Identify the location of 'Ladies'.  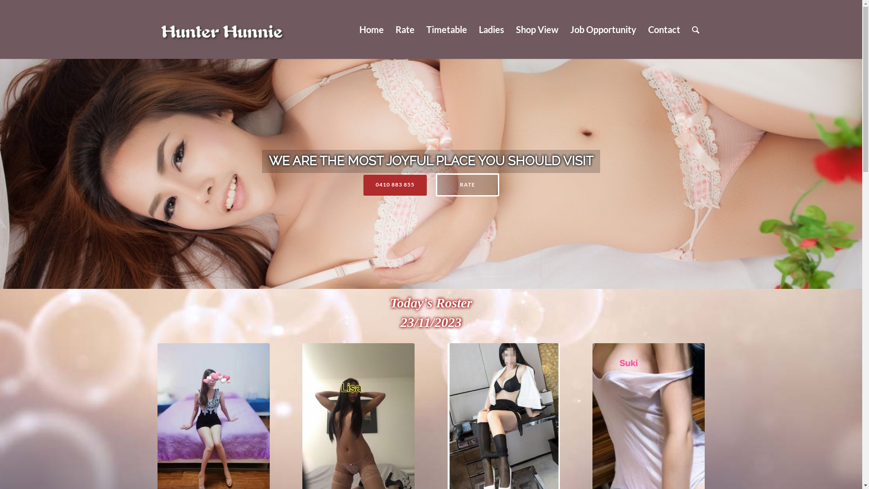
(490, 29).